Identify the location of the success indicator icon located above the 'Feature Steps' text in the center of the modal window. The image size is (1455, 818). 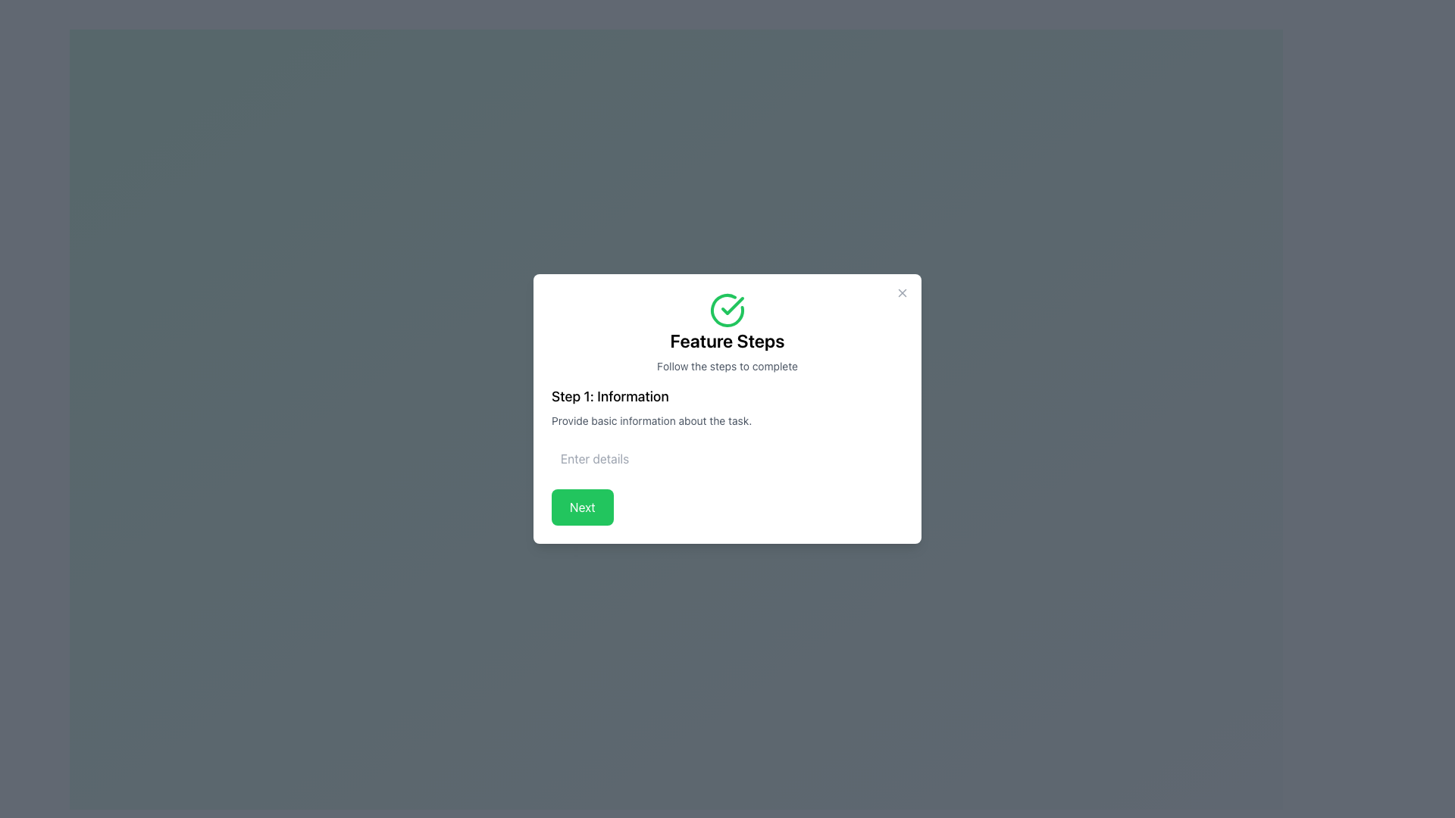
(727, 309).